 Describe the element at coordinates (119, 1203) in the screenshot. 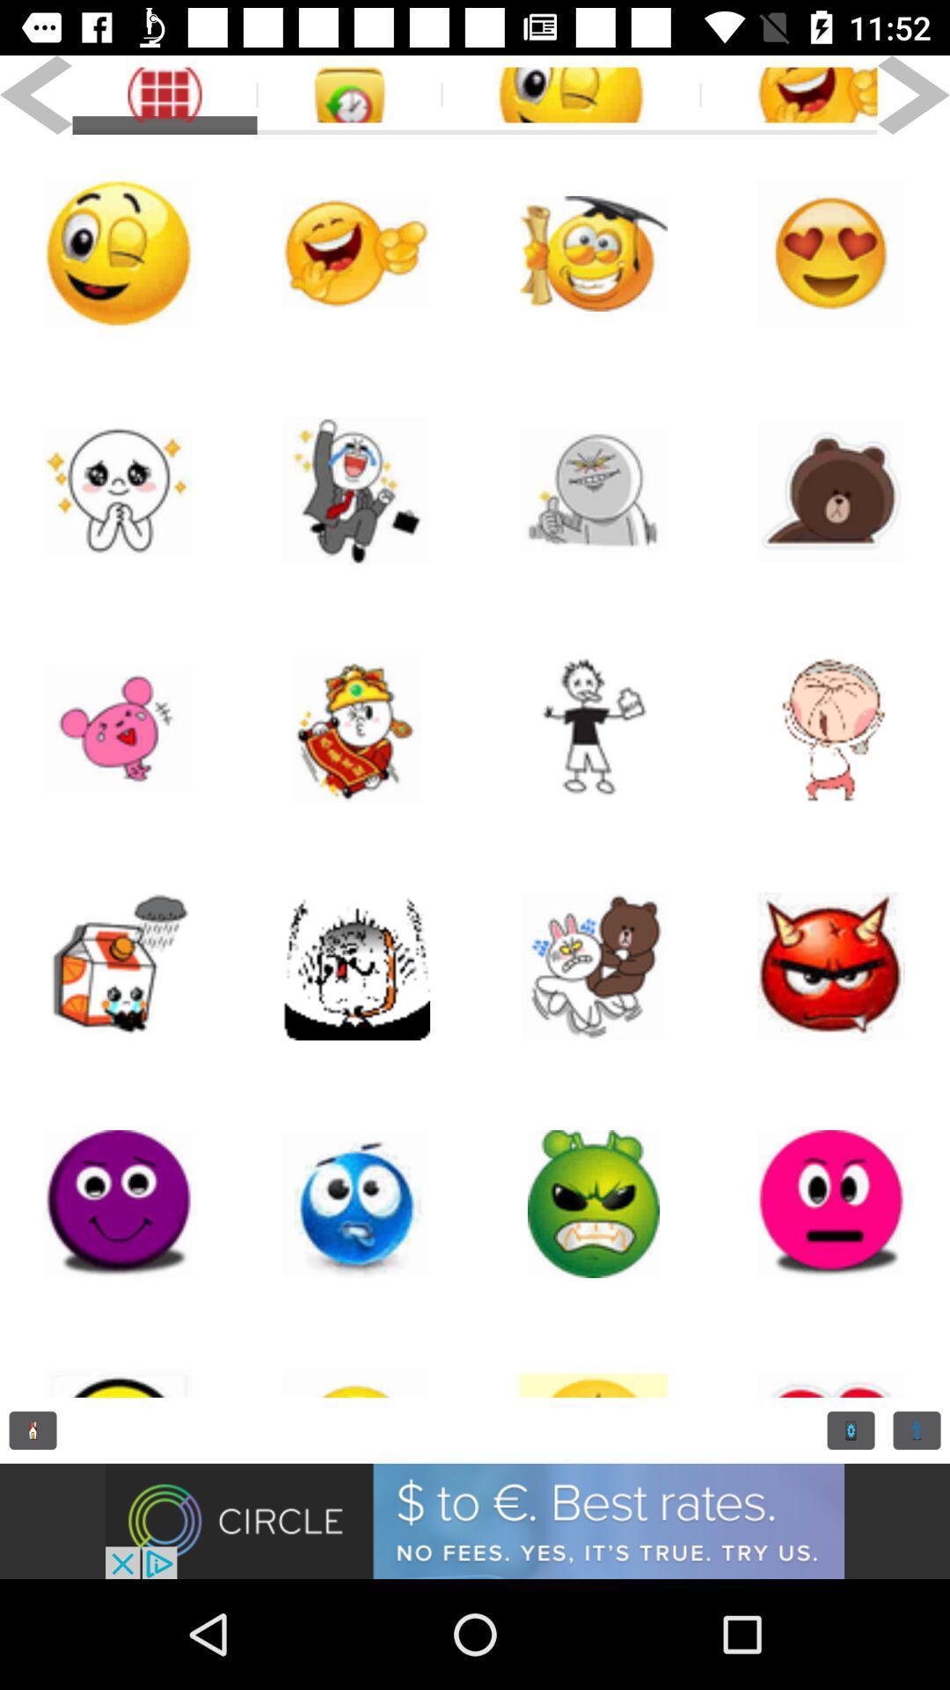

I see `purple smiley emoji` at that location.